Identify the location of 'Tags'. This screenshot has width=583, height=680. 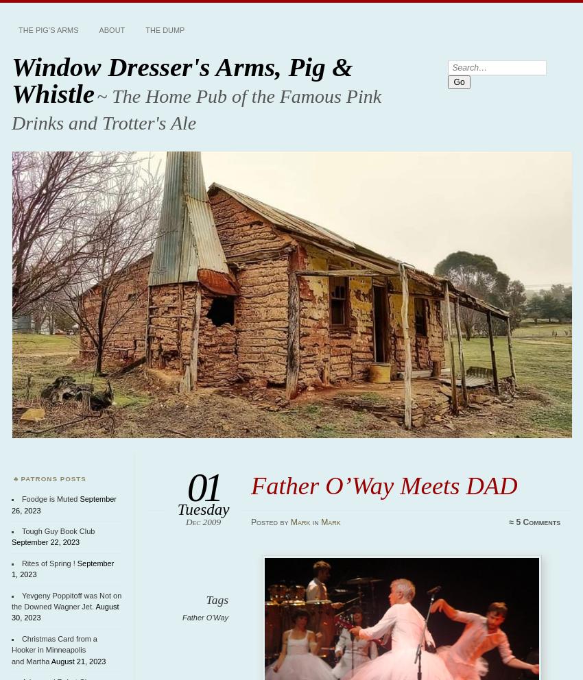
(205, 598).